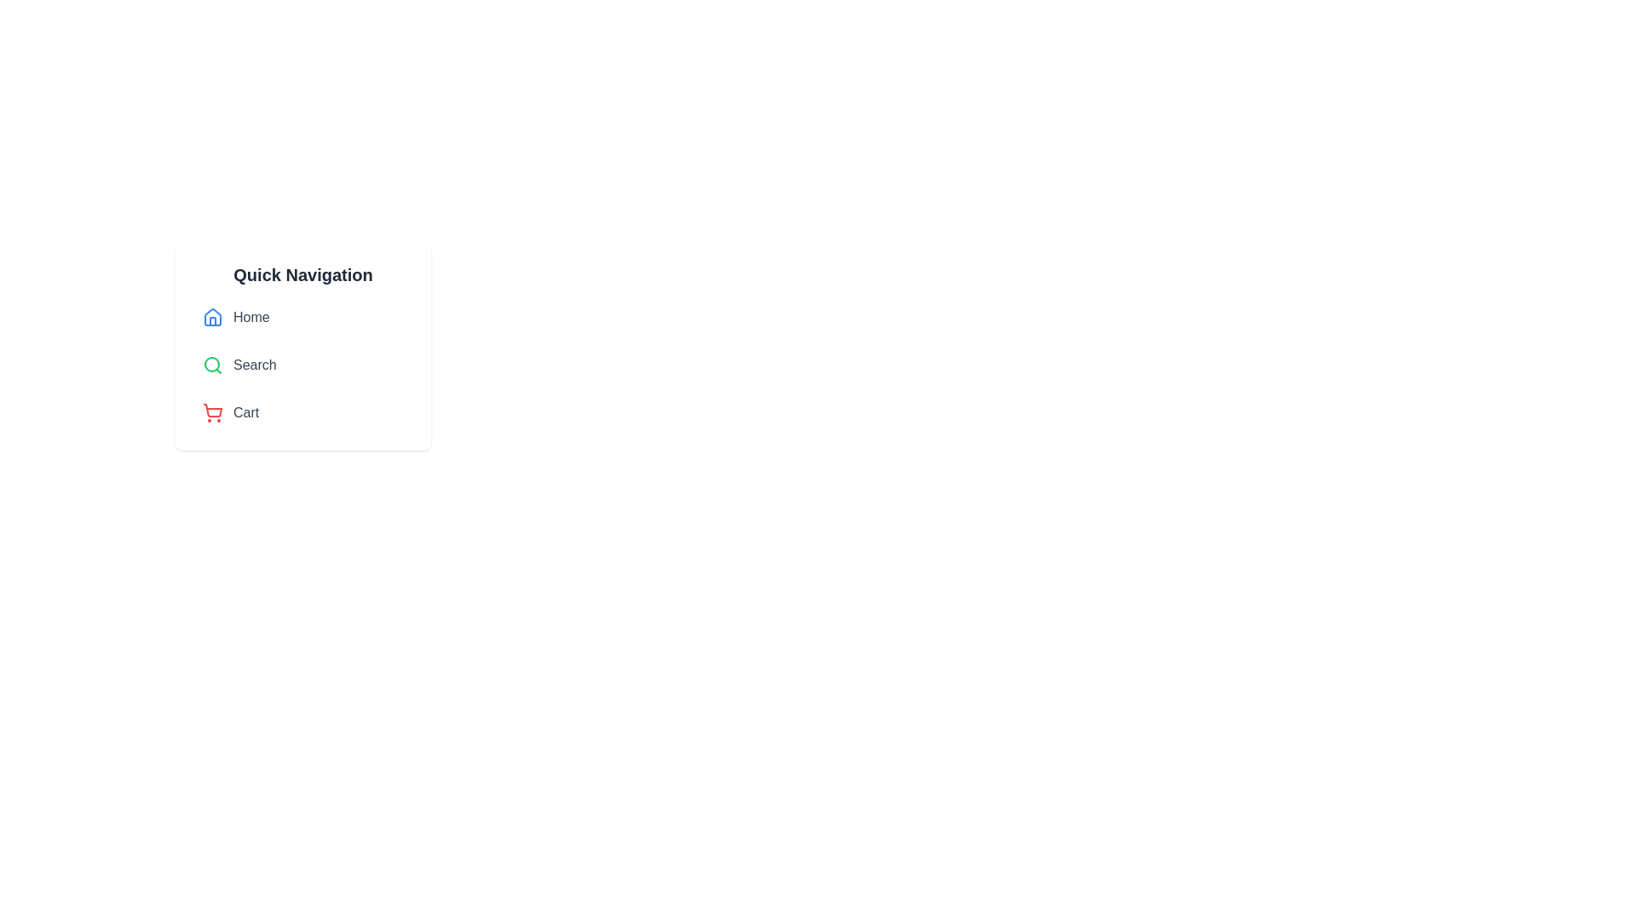 This screenshot has width=1636, height=920. I want to click on the 'Cart' hyperlink in the navigation menu to change its text color to red, so click(245, 413).